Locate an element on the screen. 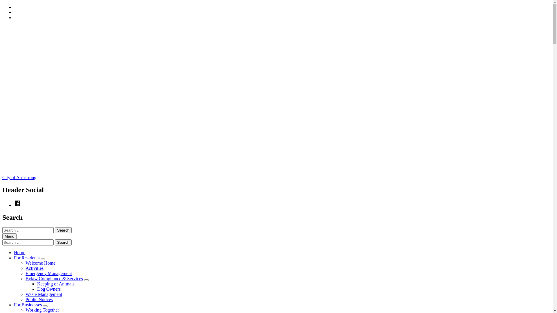 The height and width of the screenshot is (313, 557). 'Waste Management' is located at coordinates (43, 294).